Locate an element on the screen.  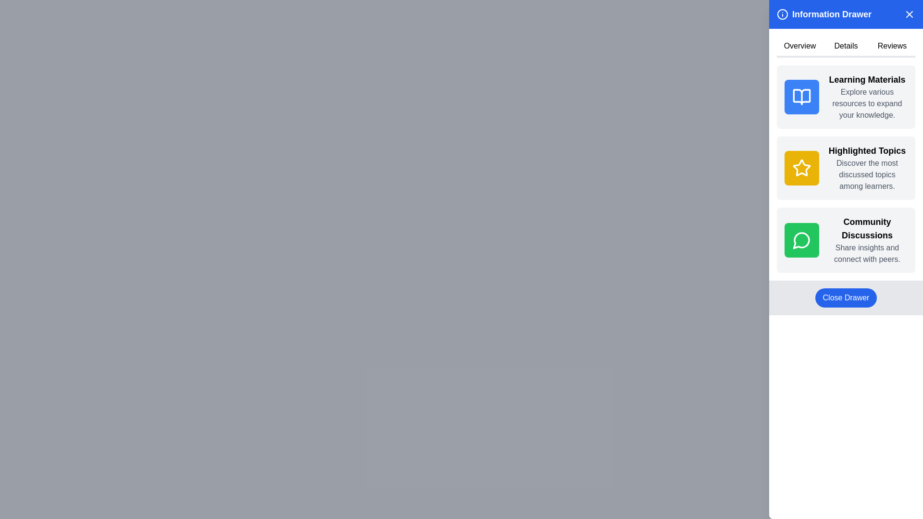
the close icon button represented by an 'X' mark in the top-right corner of the interface is located at coordinates (909, 14).